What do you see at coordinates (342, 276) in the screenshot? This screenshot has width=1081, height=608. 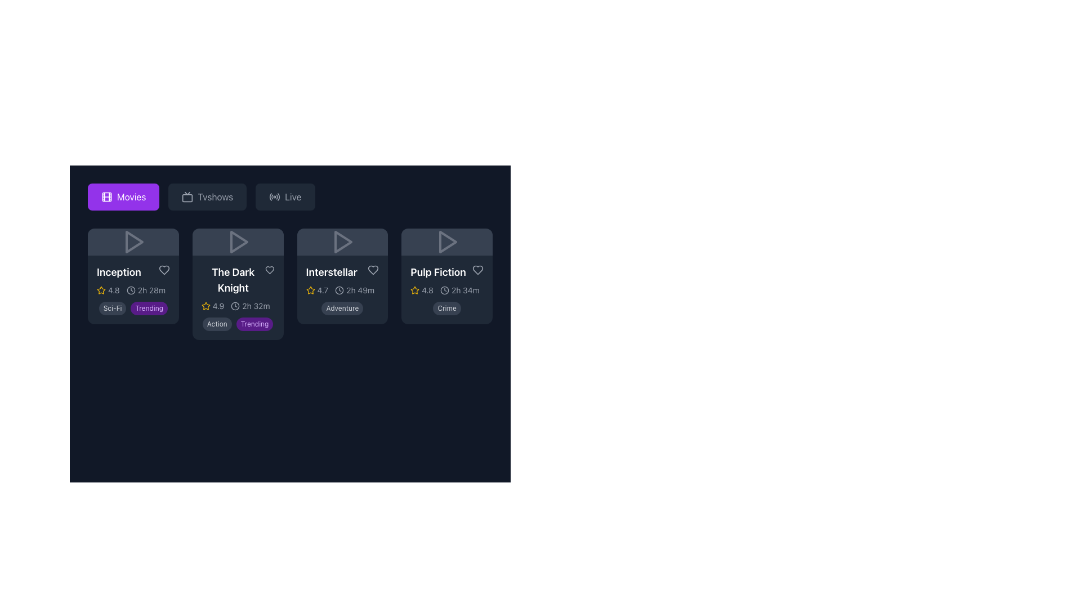 I see `the movie card for 'Interstellar', which has a dark-gray background and features the title in bold white text, located as the third item in the second row of movie cards` at bounding box center [342, 276].